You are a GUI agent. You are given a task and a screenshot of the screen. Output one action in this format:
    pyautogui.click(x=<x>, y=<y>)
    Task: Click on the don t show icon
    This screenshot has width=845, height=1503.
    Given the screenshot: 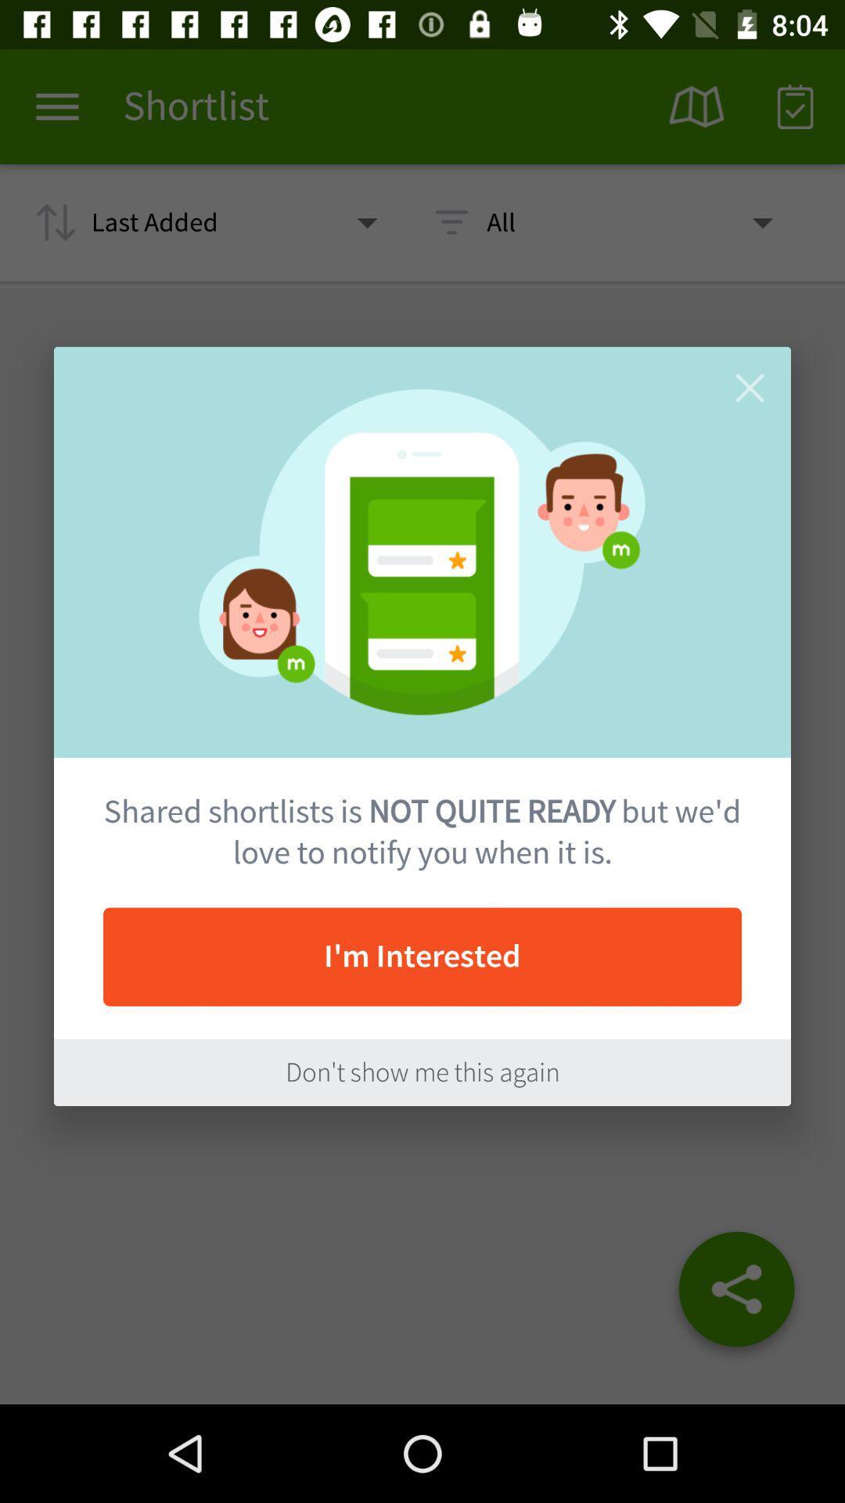 What is the action you would take?
    pyautogui.click(x=422, y=1072)
    